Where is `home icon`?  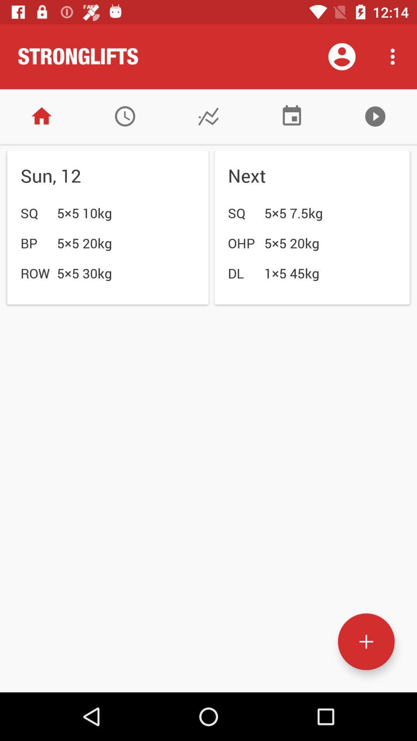
home icon is located at coordinates (42, 116).